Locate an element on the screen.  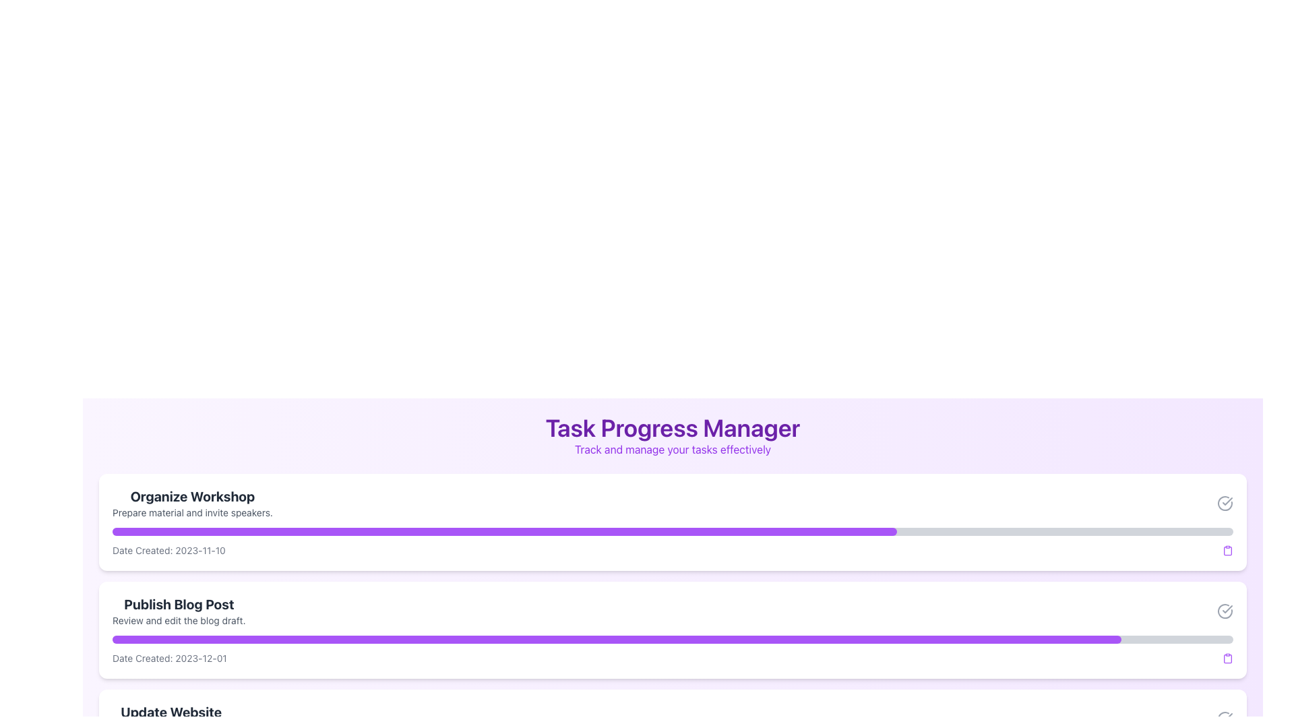
text contained in the descriptor label under the 'Organize Workshop' heading, which provides further explanation or instruction related to the task is located at coordinates (191, 512).